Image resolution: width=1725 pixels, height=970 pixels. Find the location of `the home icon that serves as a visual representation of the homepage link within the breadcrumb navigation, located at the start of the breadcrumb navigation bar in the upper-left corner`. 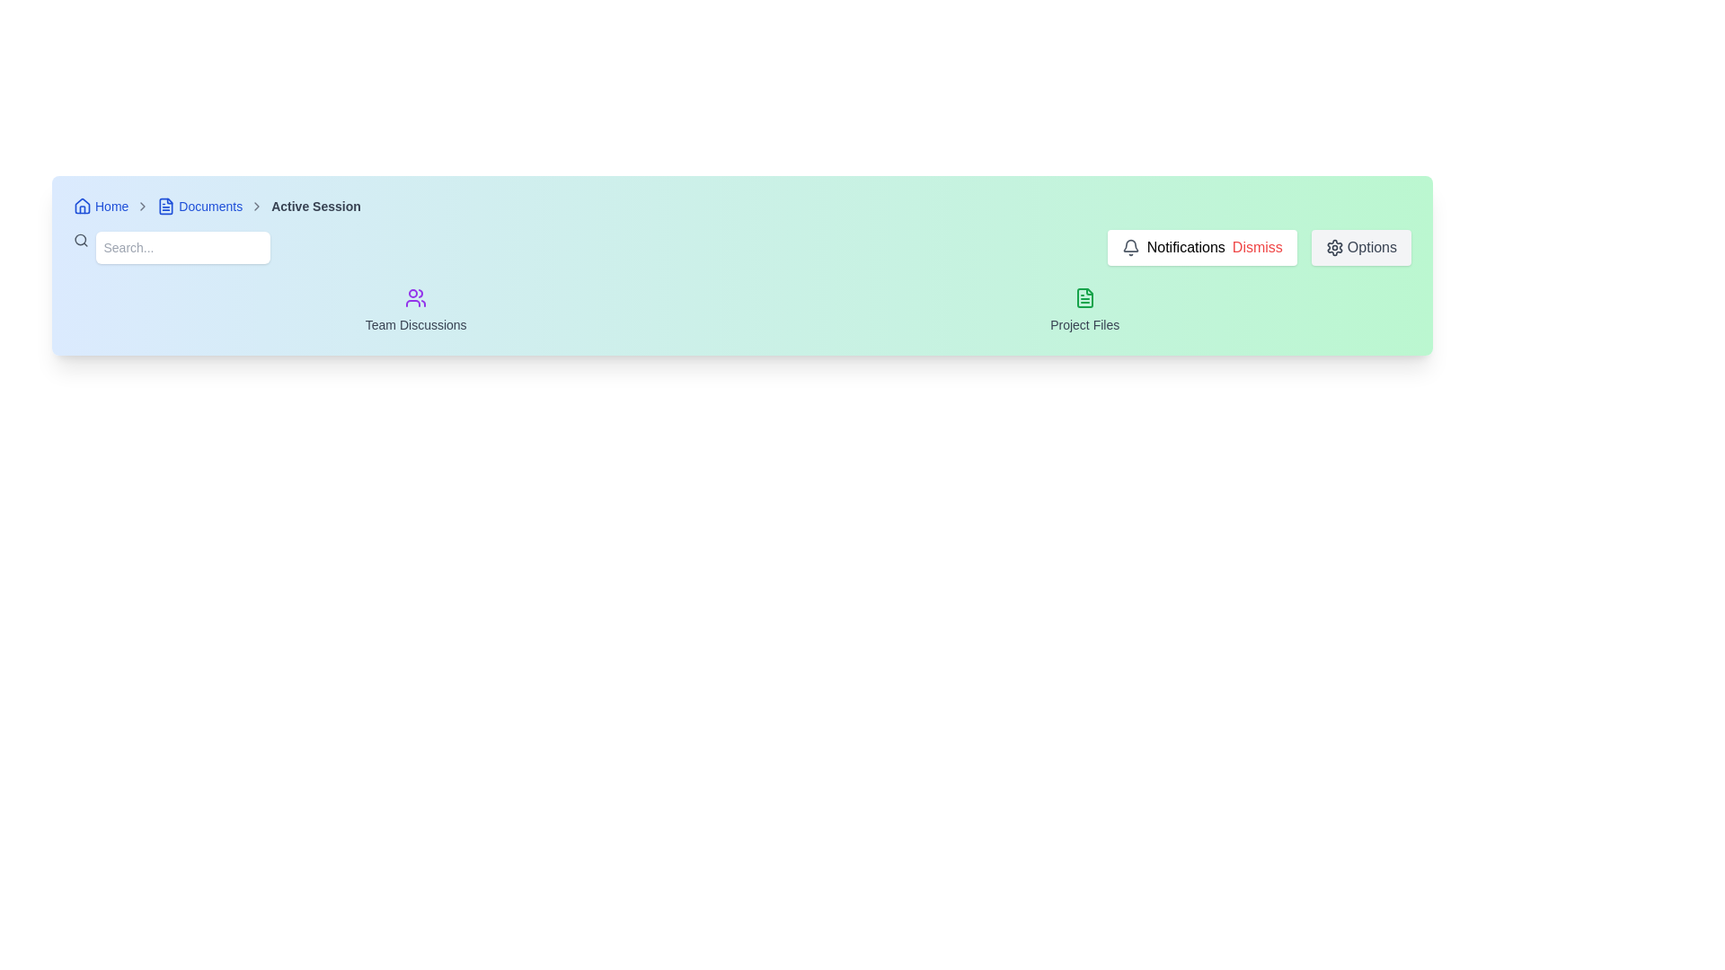

the home icon that serves as a visual representation of the homepage link within the breadcrumb navigation, located at the start of the breadcrumb navigation bar in the upper-left corner is located at coordinates (81, 206).